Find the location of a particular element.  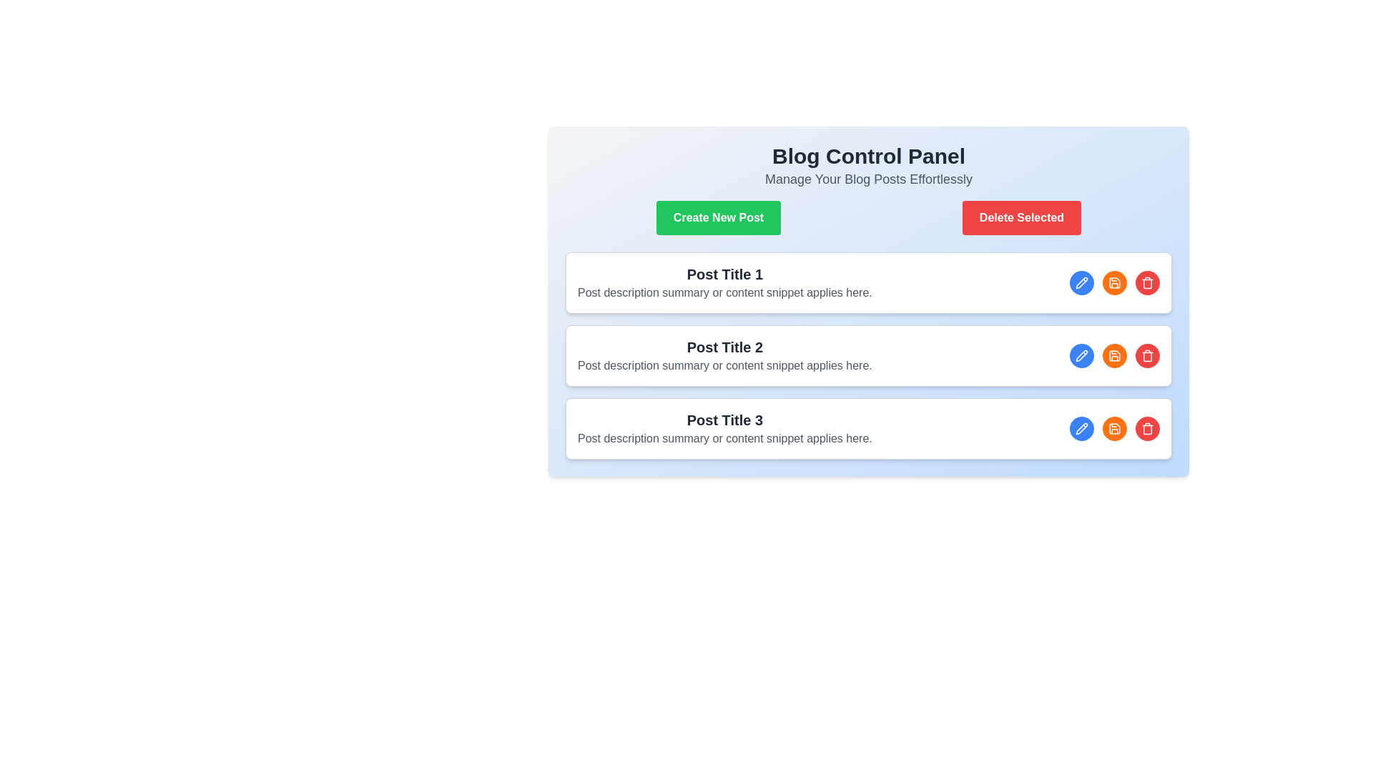

the textual UI component displaying the post's title and description, which is the third item in the list located under 'Post Title 2' is located at coordinates (724, 428).